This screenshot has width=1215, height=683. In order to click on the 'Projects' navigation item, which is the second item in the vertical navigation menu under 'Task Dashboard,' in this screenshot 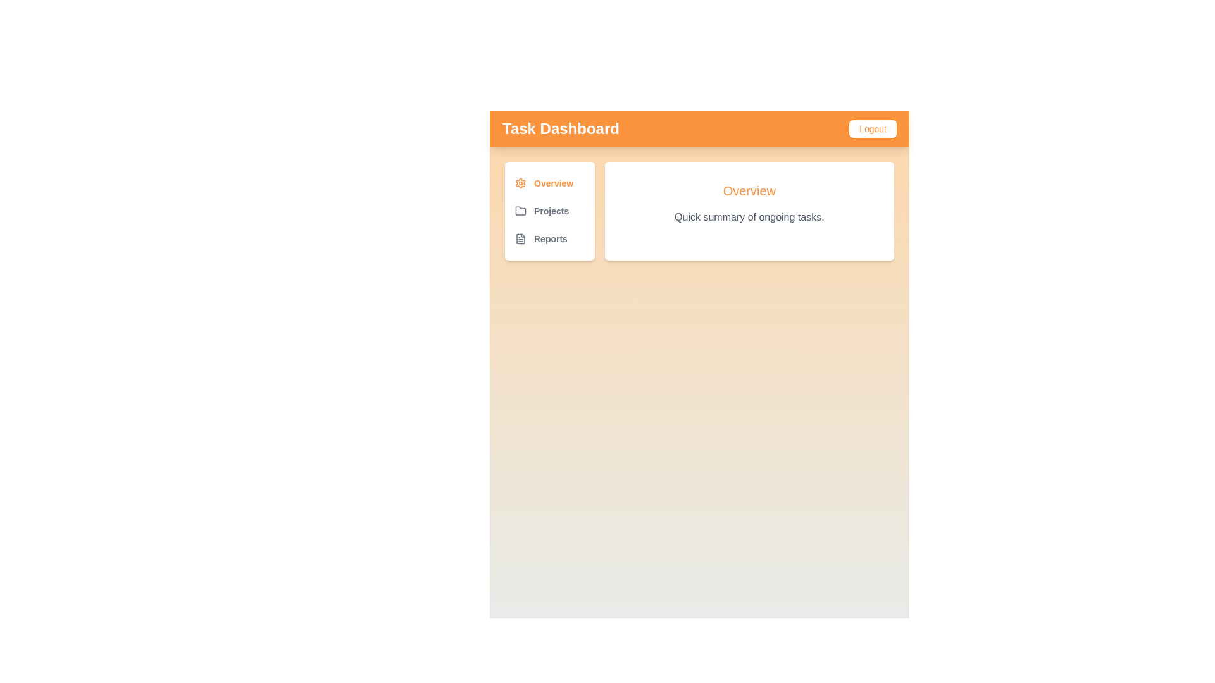, I will do `click(549, 211)`.